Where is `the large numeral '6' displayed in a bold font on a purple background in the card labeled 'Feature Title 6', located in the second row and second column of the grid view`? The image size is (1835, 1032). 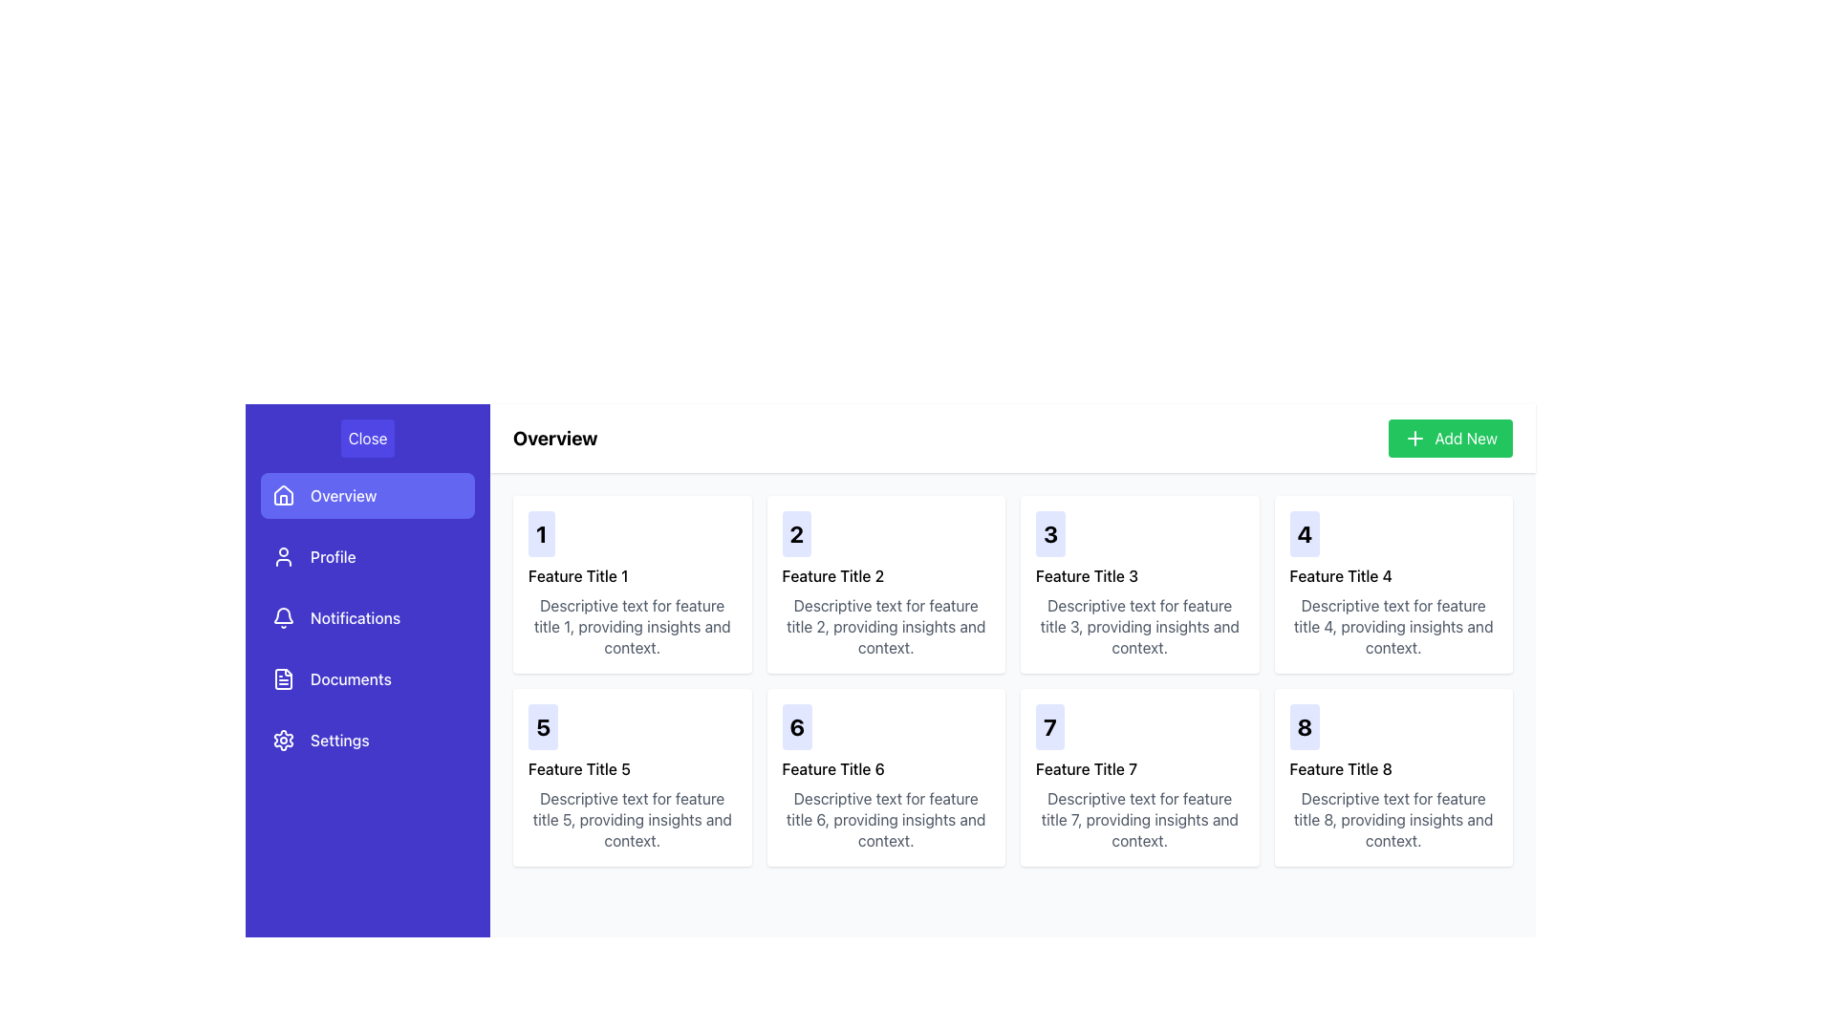
the large numeral '6' displayed in a bold font on a purple background in the card labeled 'Feature Title 6', located in the second row and second column of the grid view is located at coordinates (797, 726).